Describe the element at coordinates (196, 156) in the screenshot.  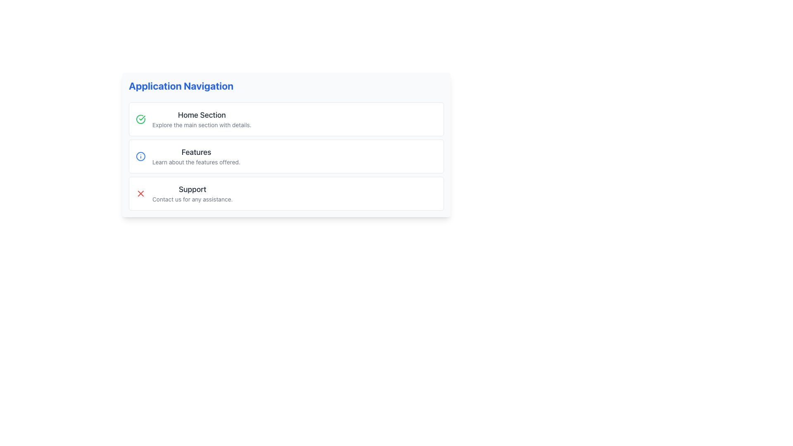
I see `descriptive text of the navigational element located between the 'Home Section' and 'Support' items, which provides information and guidance about the 'Features' section` at that location.